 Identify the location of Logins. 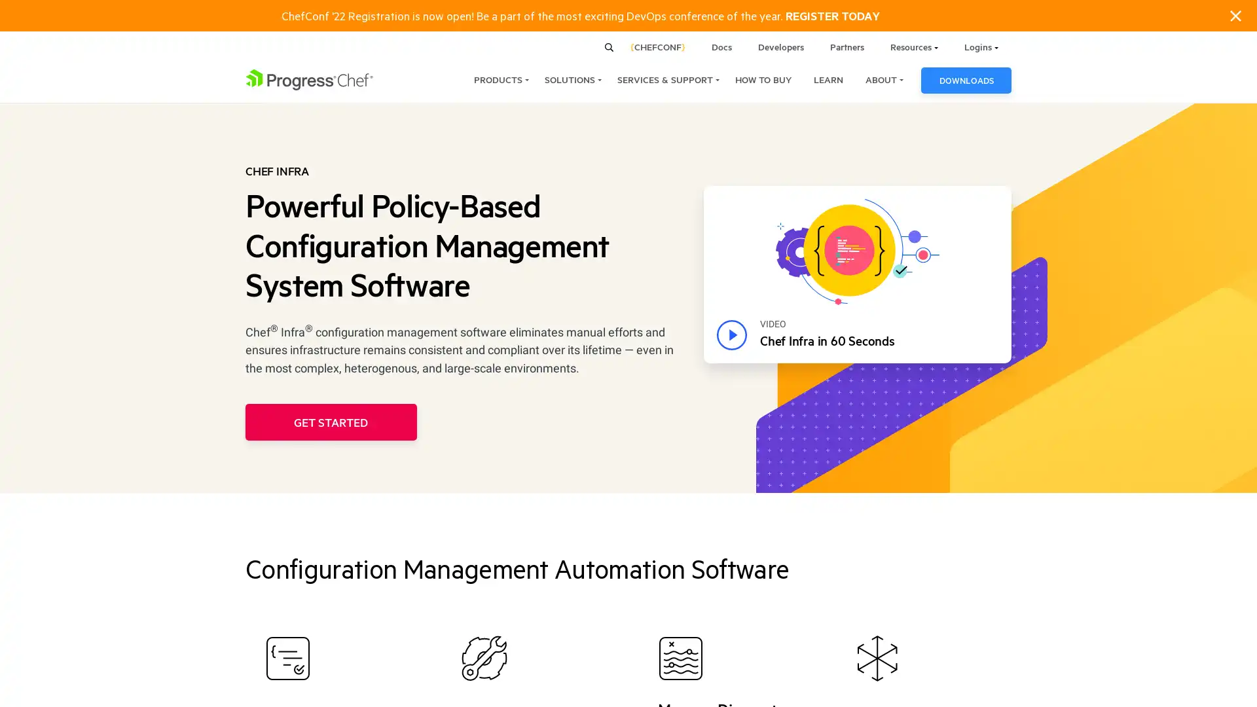
(981, 46).